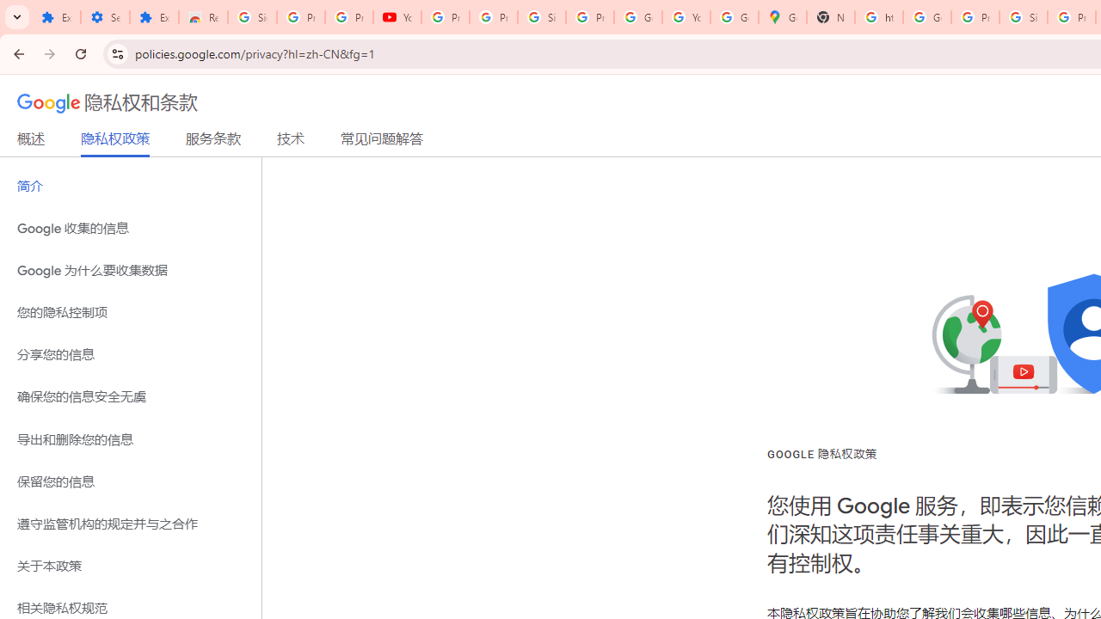  I want to click on 'Google Maps', so click(782, 17).